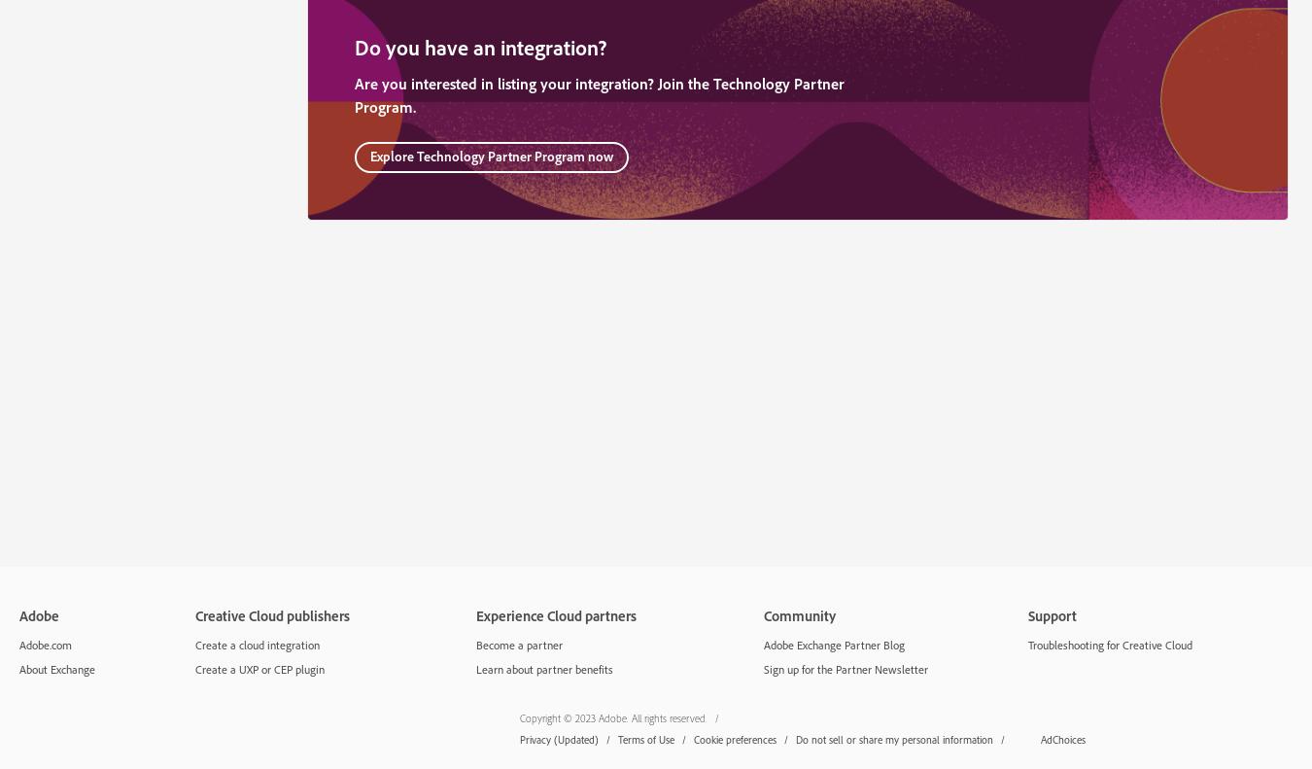 This screenshot has height=769, width=1312. Describe the element at coordinates (271, 615) in the screenshot. I see `'Creative Cloud publishers'` at that location.